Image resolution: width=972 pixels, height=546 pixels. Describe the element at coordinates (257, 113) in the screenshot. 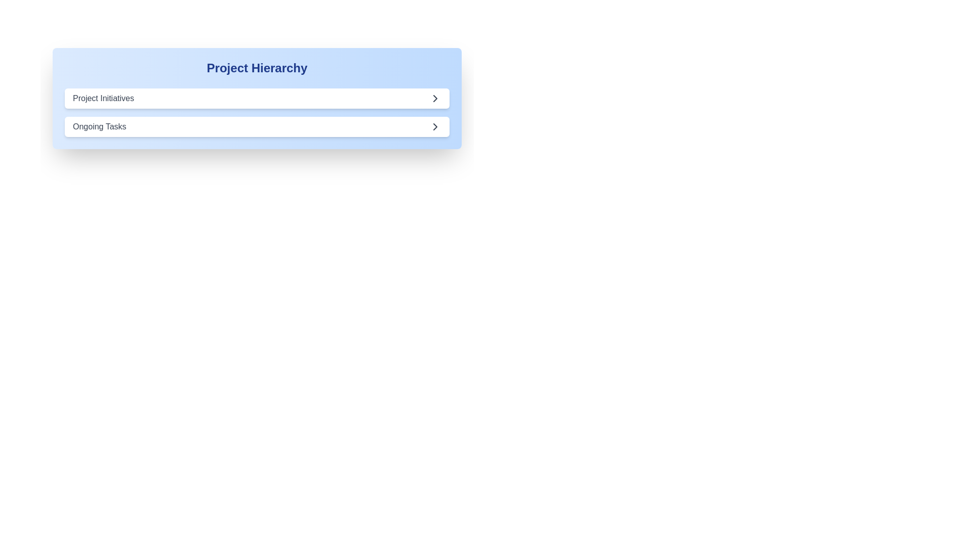

I see `the sections inside the 'Project Hierarchy' Panel, which contains 'Project Initiatives' and 'Ongoing Tasks' separated by a horizontal divider` at that location.